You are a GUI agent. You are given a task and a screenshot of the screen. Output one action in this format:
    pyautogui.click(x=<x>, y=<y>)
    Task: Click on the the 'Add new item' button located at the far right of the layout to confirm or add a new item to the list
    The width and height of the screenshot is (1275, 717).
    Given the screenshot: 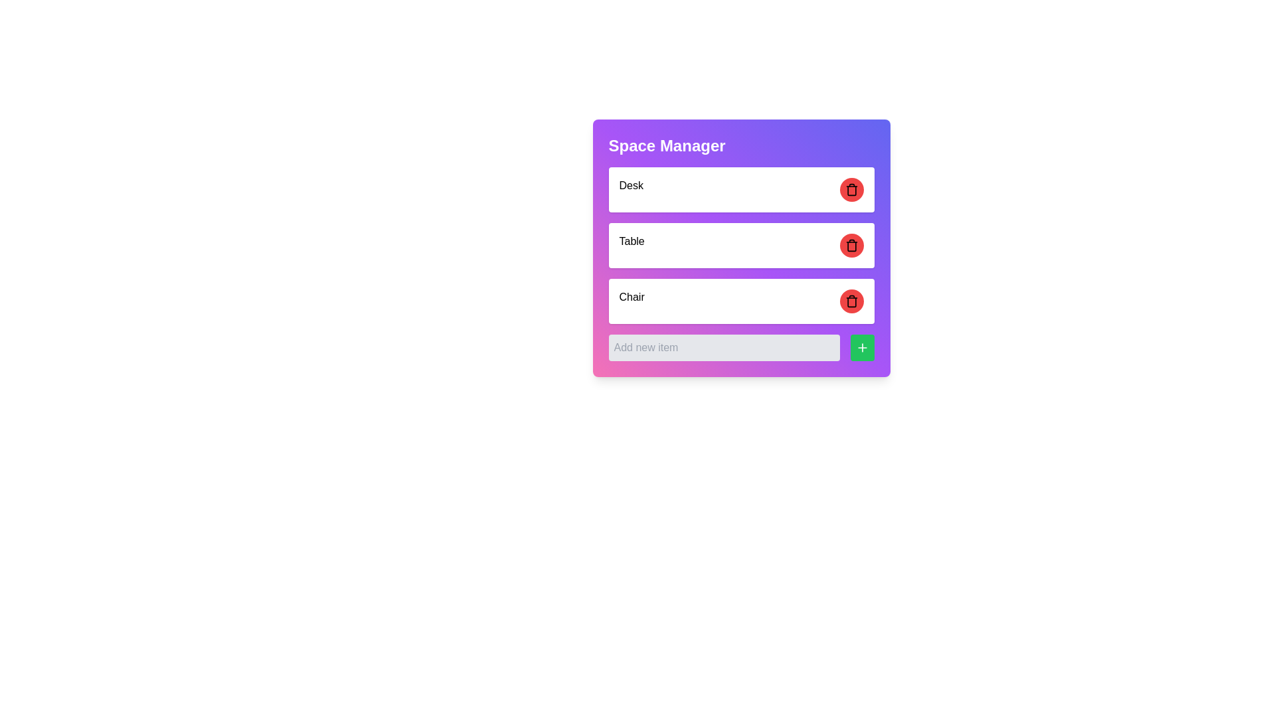 What is the action you would take?
    pyautogui.click(x=862, y=347)
    